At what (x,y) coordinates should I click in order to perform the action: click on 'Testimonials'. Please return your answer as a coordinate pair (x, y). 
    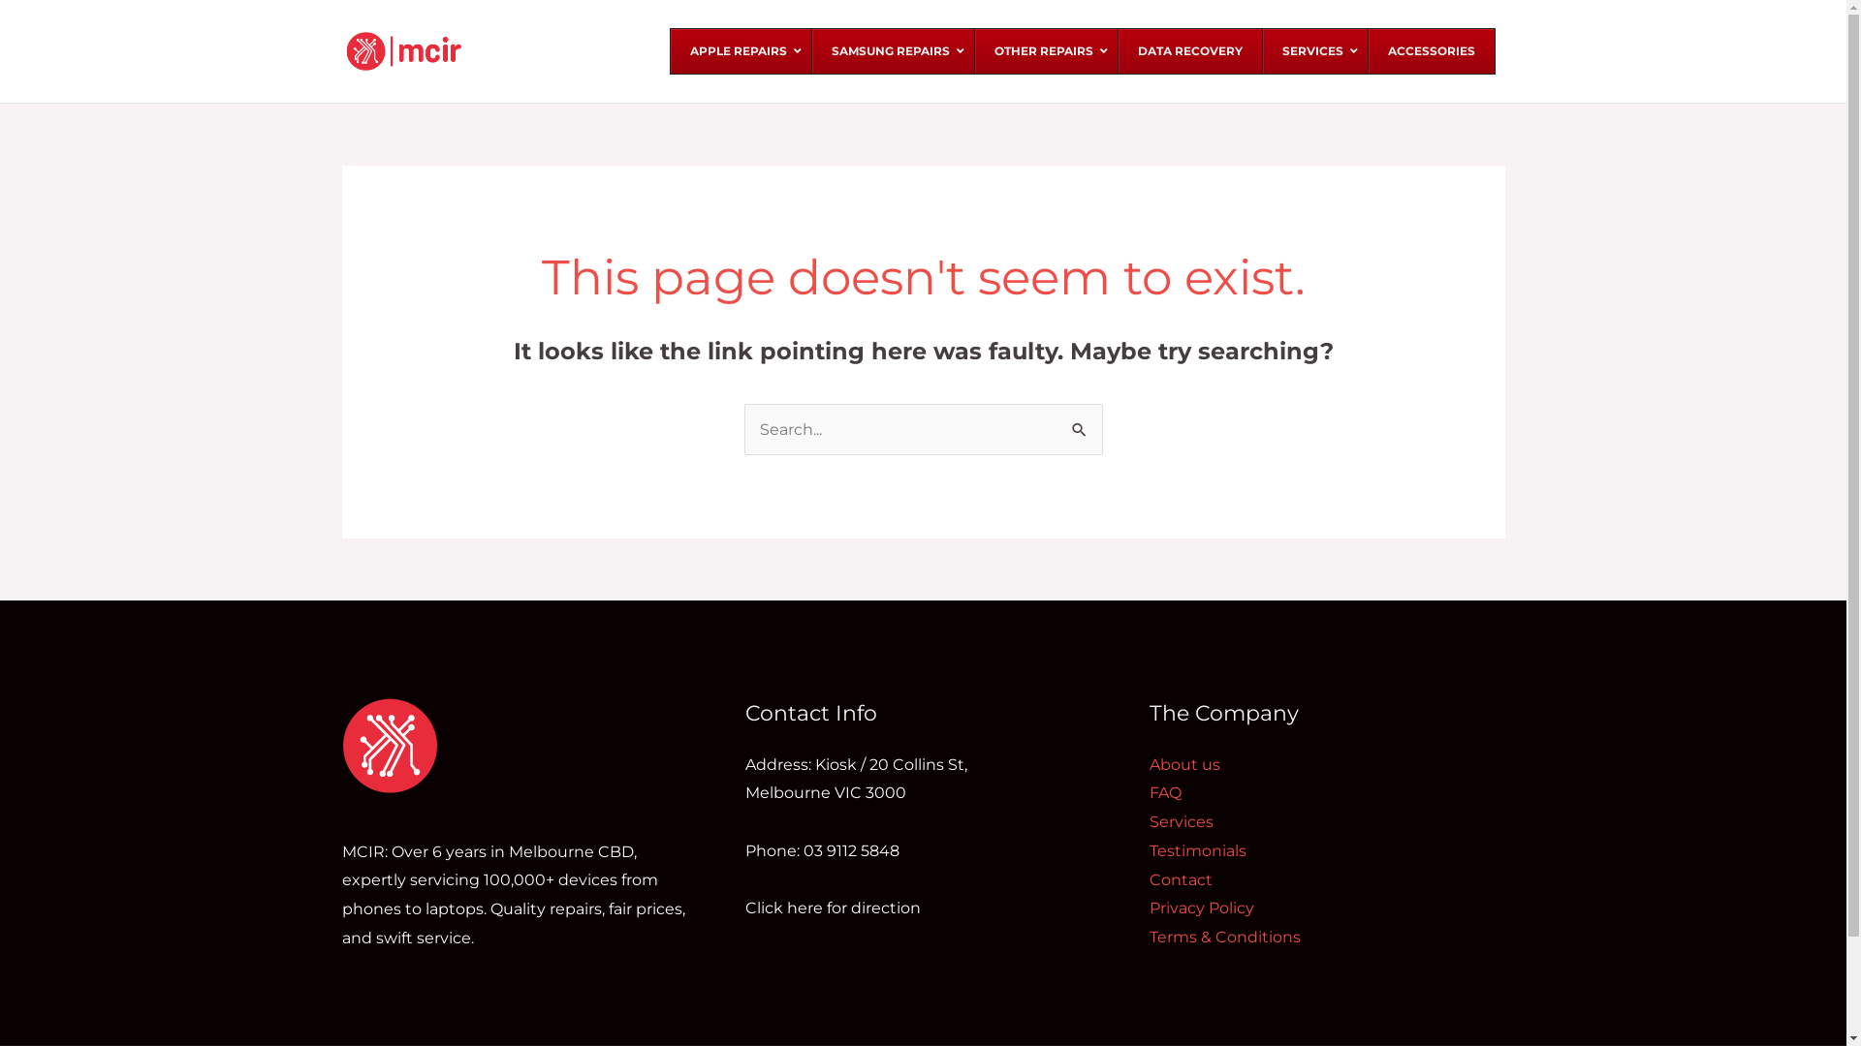
    Looking at the image, I should click on (1149, 849).